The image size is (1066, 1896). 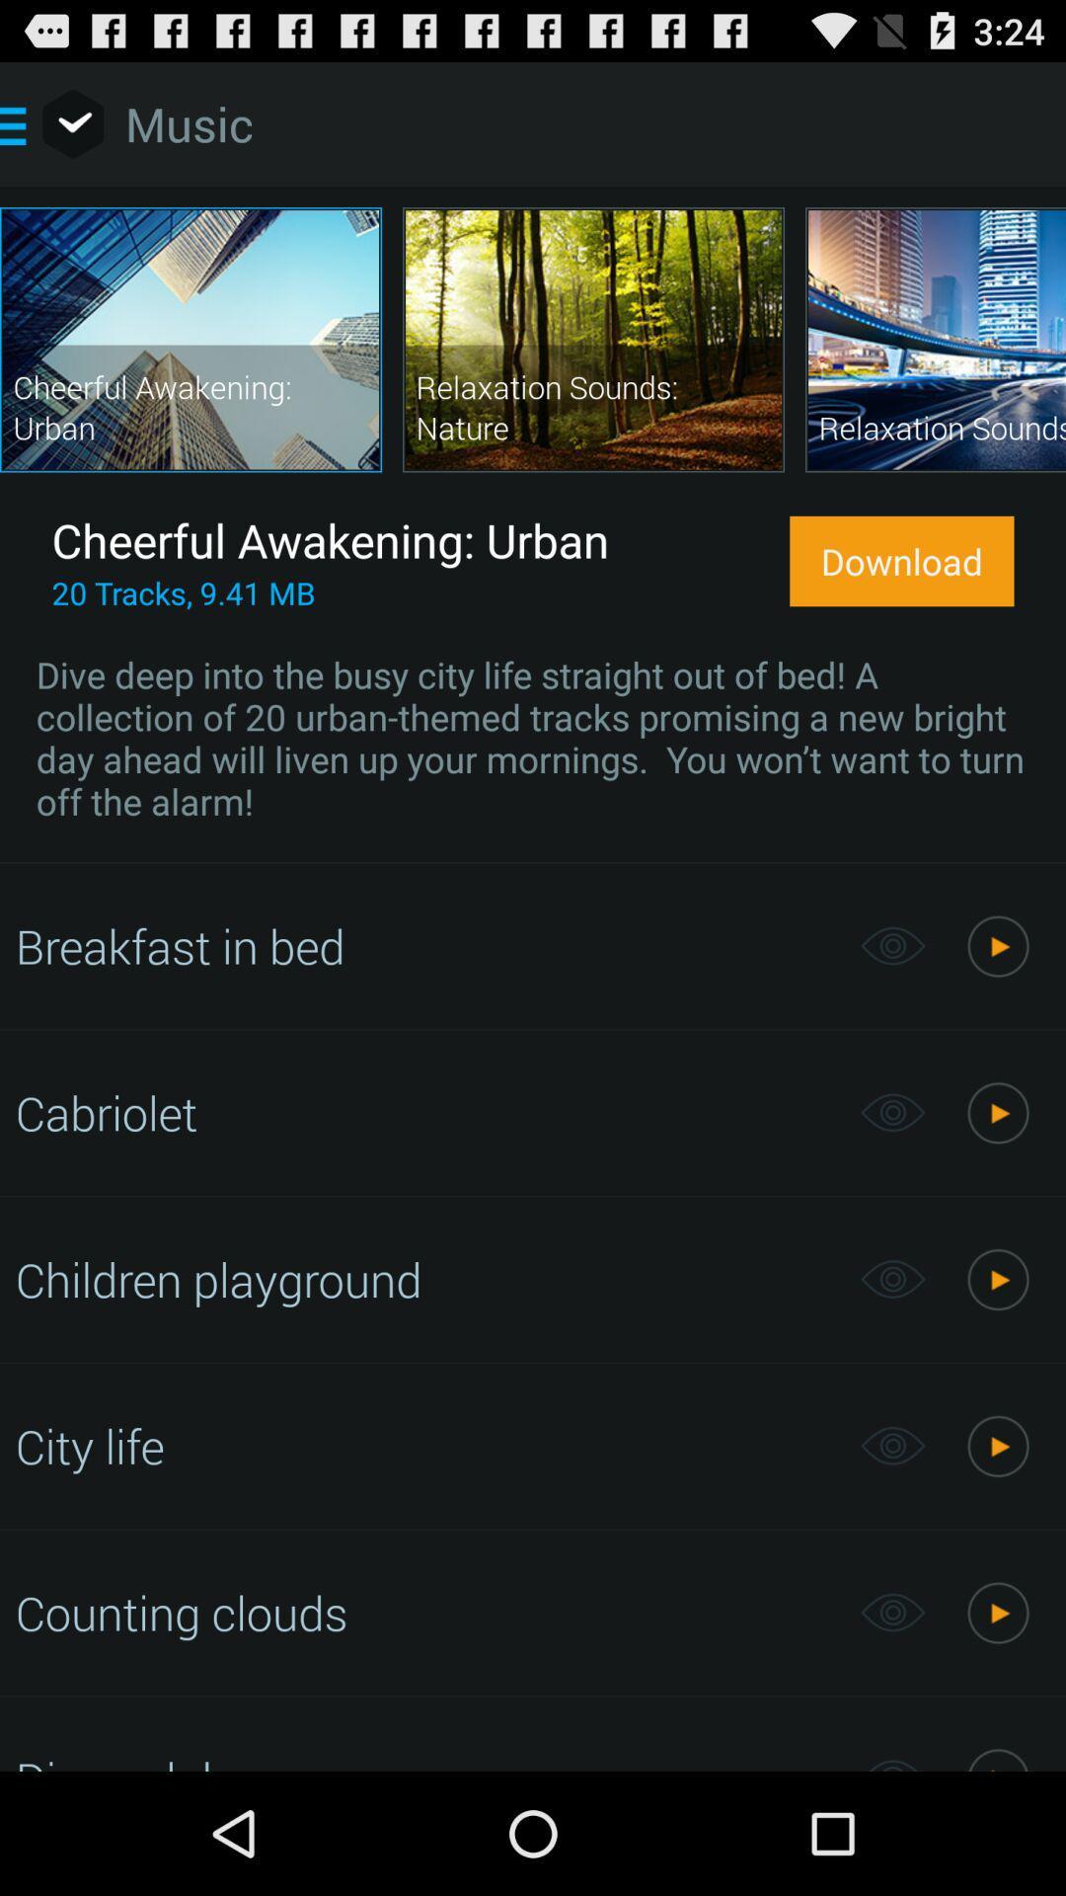 I want to click on item below the city life, so click(x=426, y=1613).